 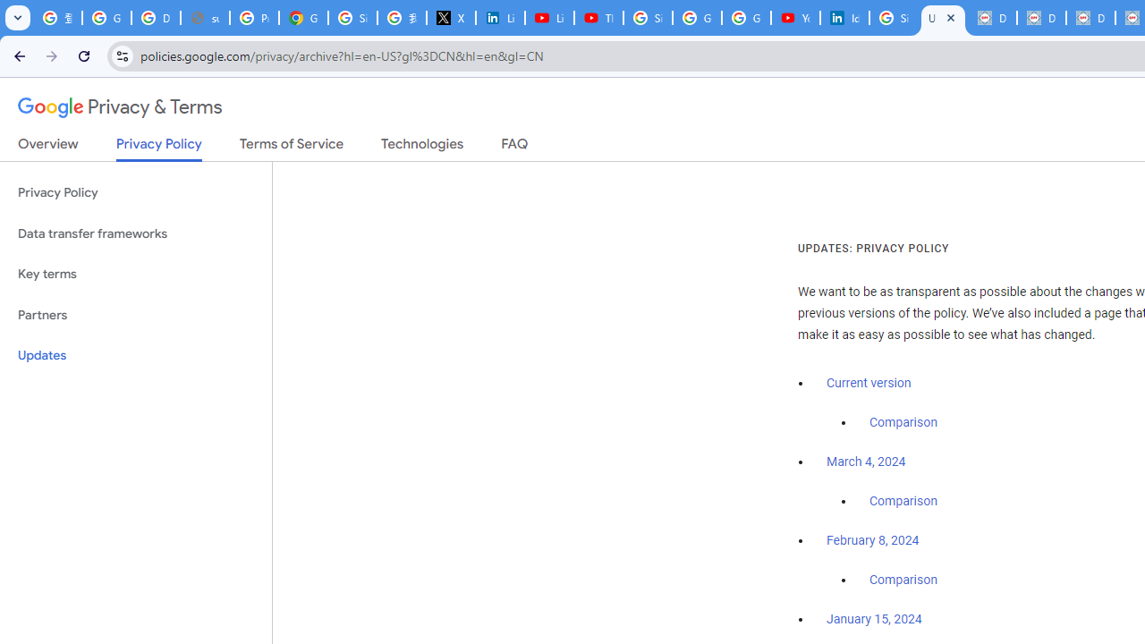 What do you see at coordinates (120, 107) in the screenshot?
I see `'Privacy & Terms'` at bounding box center [120, 107].